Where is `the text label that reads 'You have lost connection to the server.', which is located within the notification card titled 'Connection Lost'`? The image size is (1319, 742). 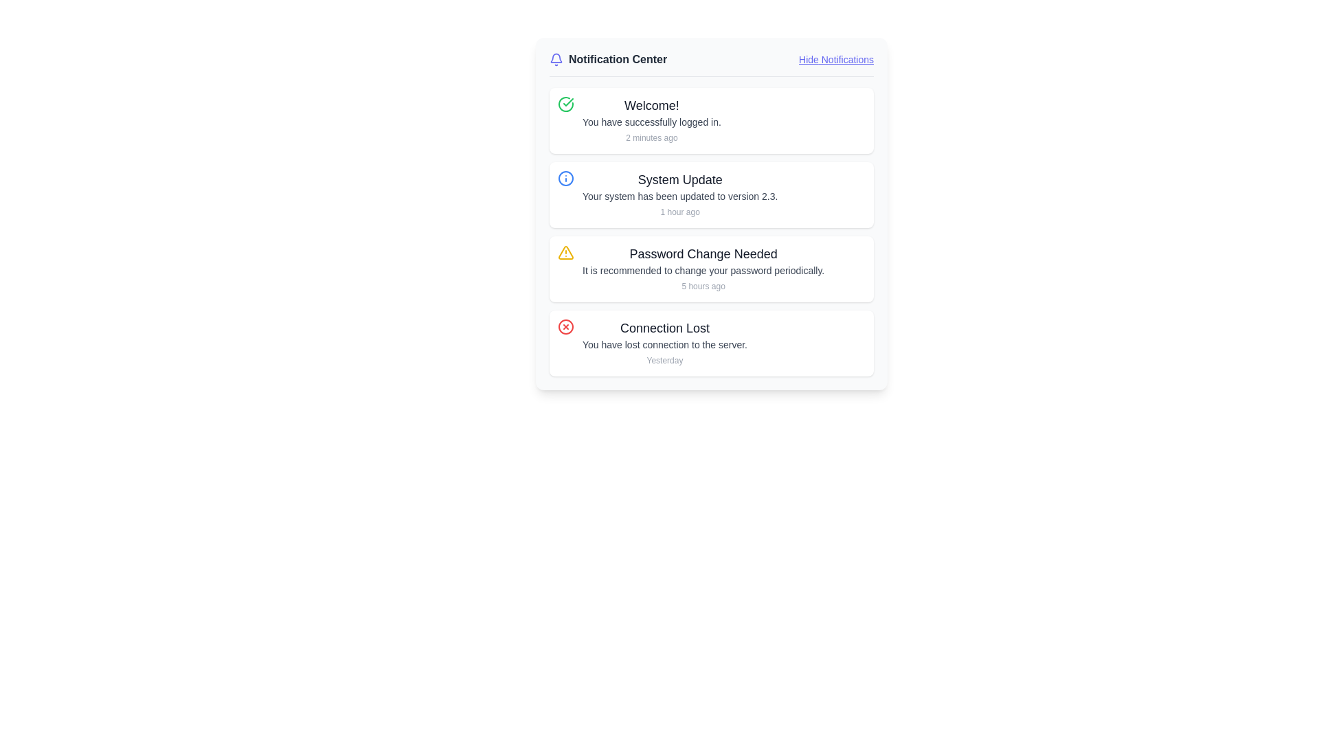
the text label that reads 'You have lost connection to the server.', which is located within the notification card titled 'Connection Lost' is located at coordinates (665, 344).